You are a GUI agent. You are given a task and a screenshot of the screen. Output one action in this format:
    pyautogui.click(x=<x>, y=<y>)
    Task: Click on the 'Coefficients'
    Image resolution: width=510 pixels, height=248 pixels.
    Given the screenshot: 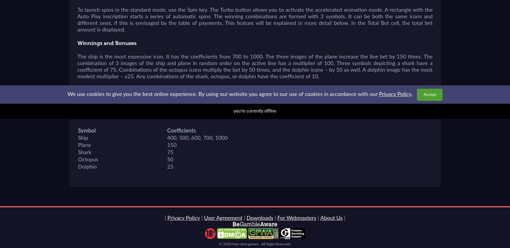 What is the action you would take?
    pyautogui.click(x=181, y=130)
    